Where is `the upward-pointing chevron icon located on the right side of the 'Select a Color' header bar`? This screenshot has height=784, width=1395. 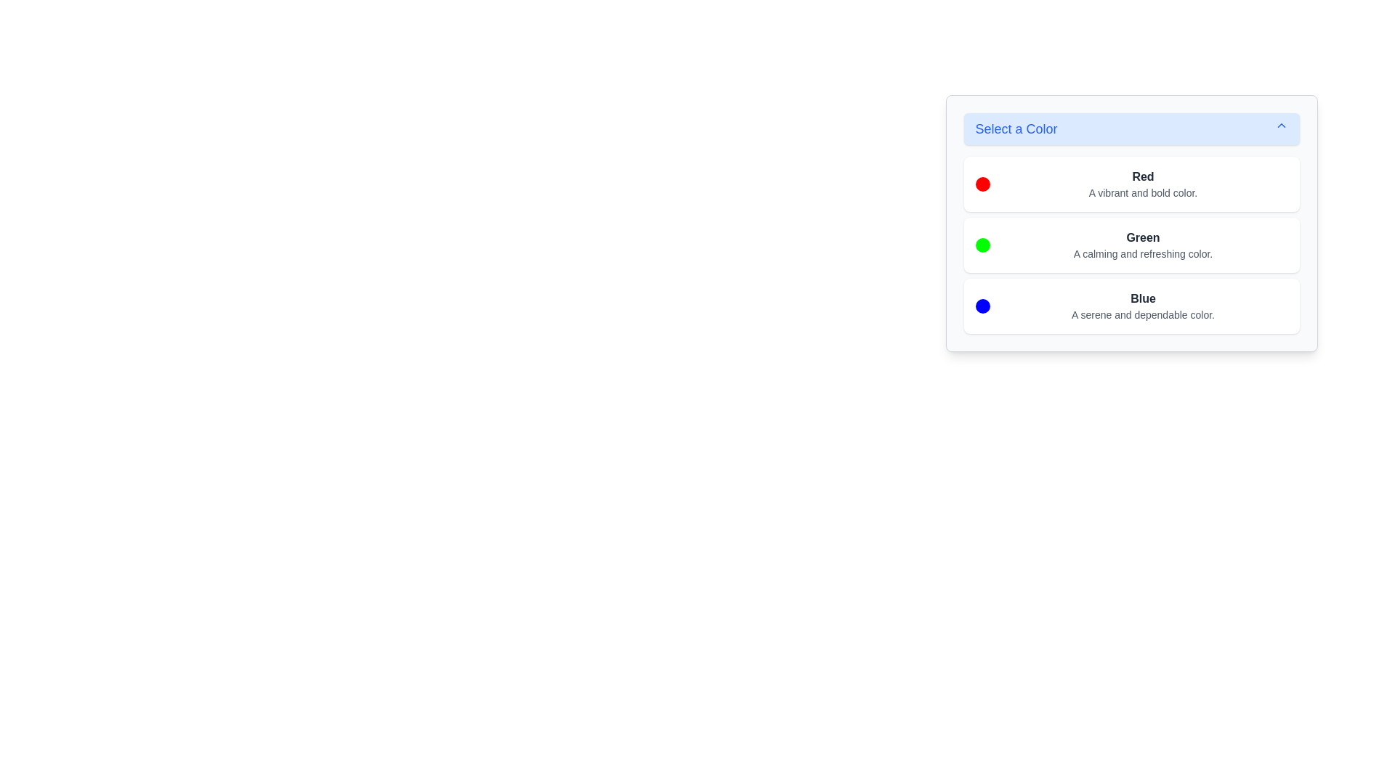 the upward-pointing chevron icon located on the right side of the 'Select a Color' header bar is located at coordinates (1281, 125).